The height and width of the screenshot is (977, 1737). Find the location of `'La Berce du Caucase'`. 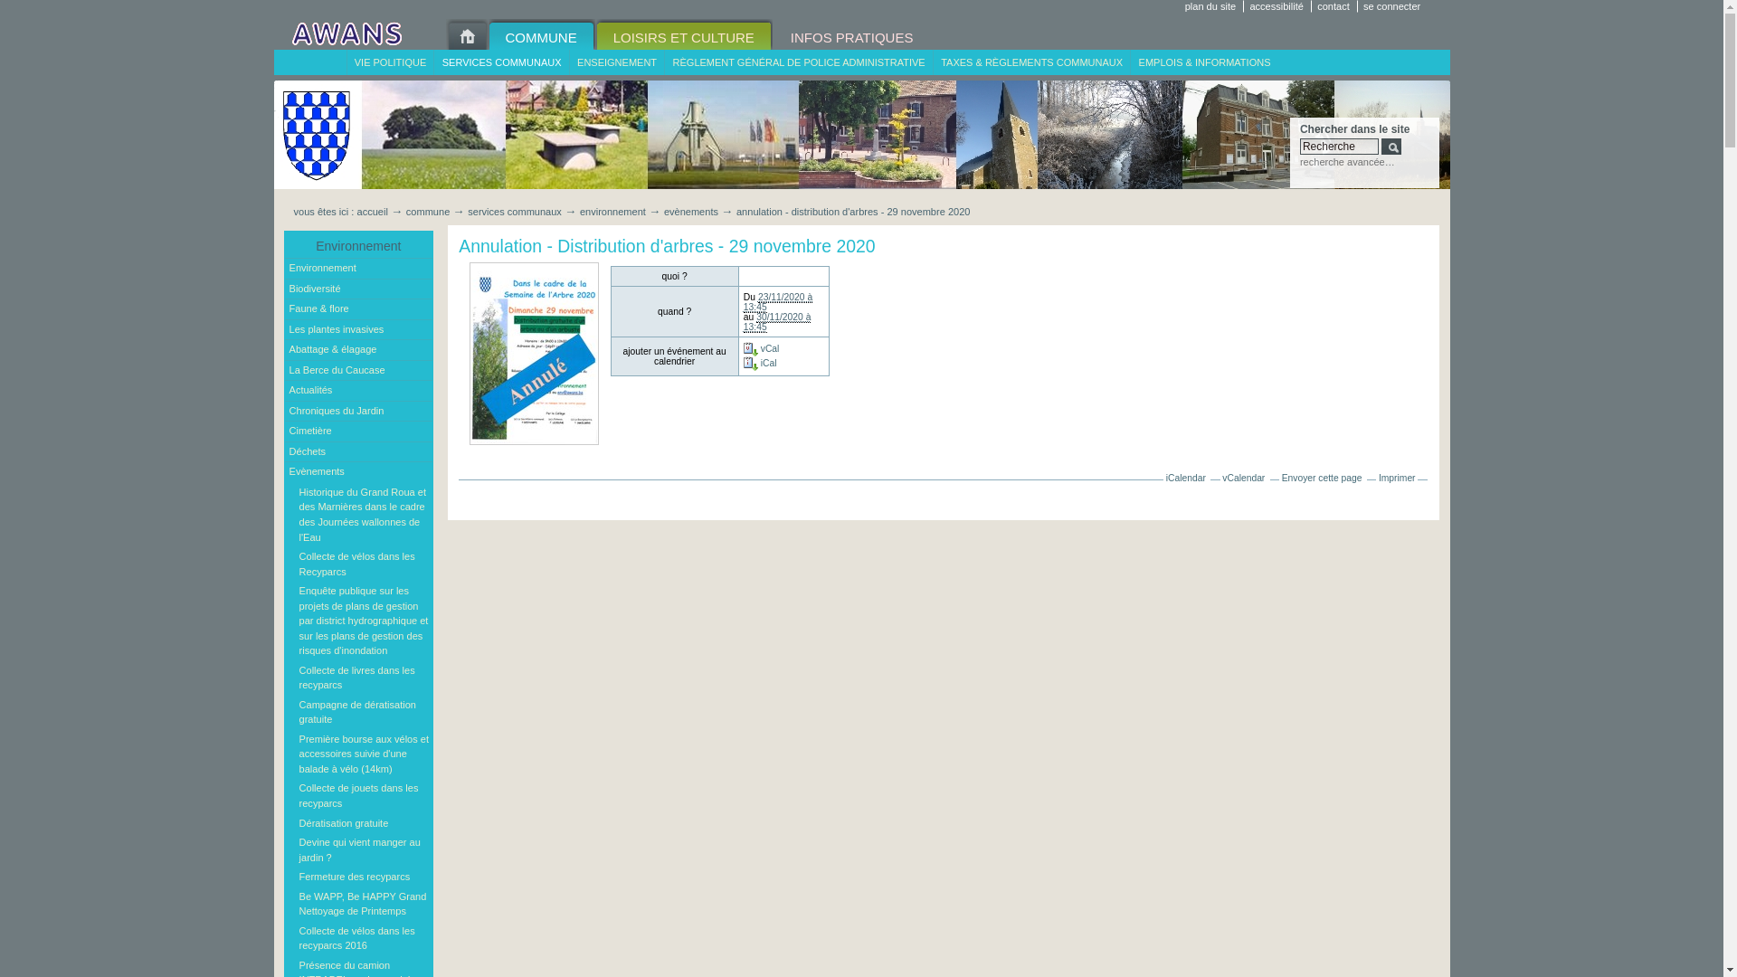

'La Berce du Caucase' is located at coordinates (284, 369).